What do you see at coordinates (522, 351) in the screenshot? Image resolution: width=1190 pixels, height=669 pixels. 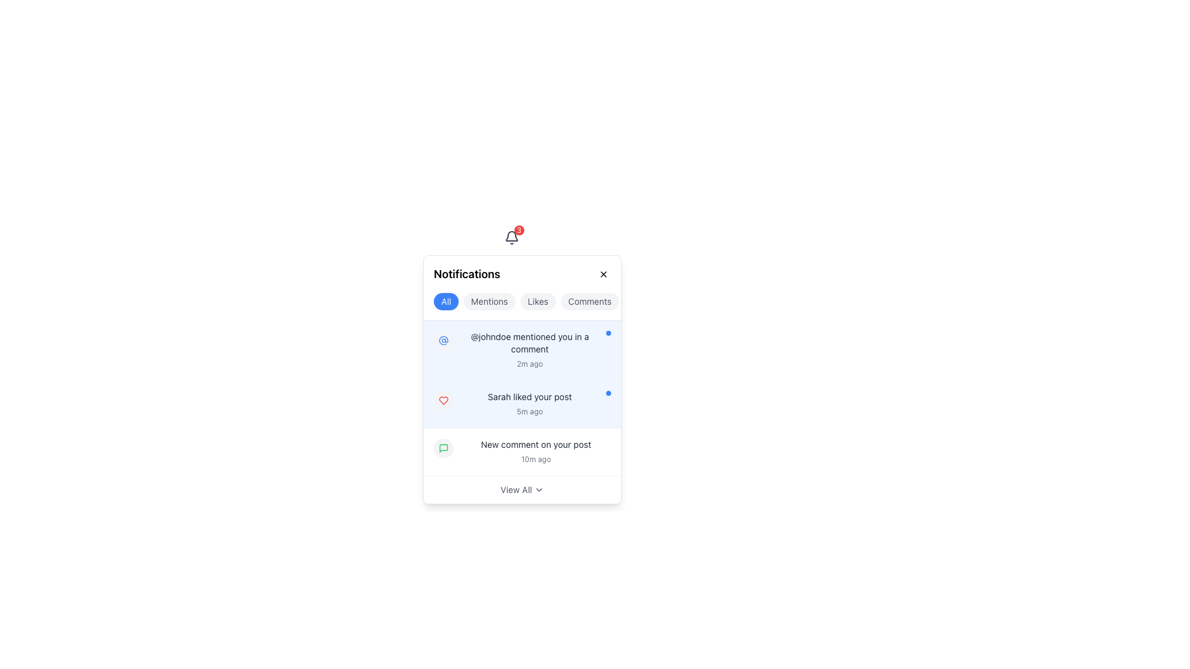 I see `the first notification item in the notification list that informs the user '@johndoe' has mentioned them in a comment` at bounding box center [522, 351].